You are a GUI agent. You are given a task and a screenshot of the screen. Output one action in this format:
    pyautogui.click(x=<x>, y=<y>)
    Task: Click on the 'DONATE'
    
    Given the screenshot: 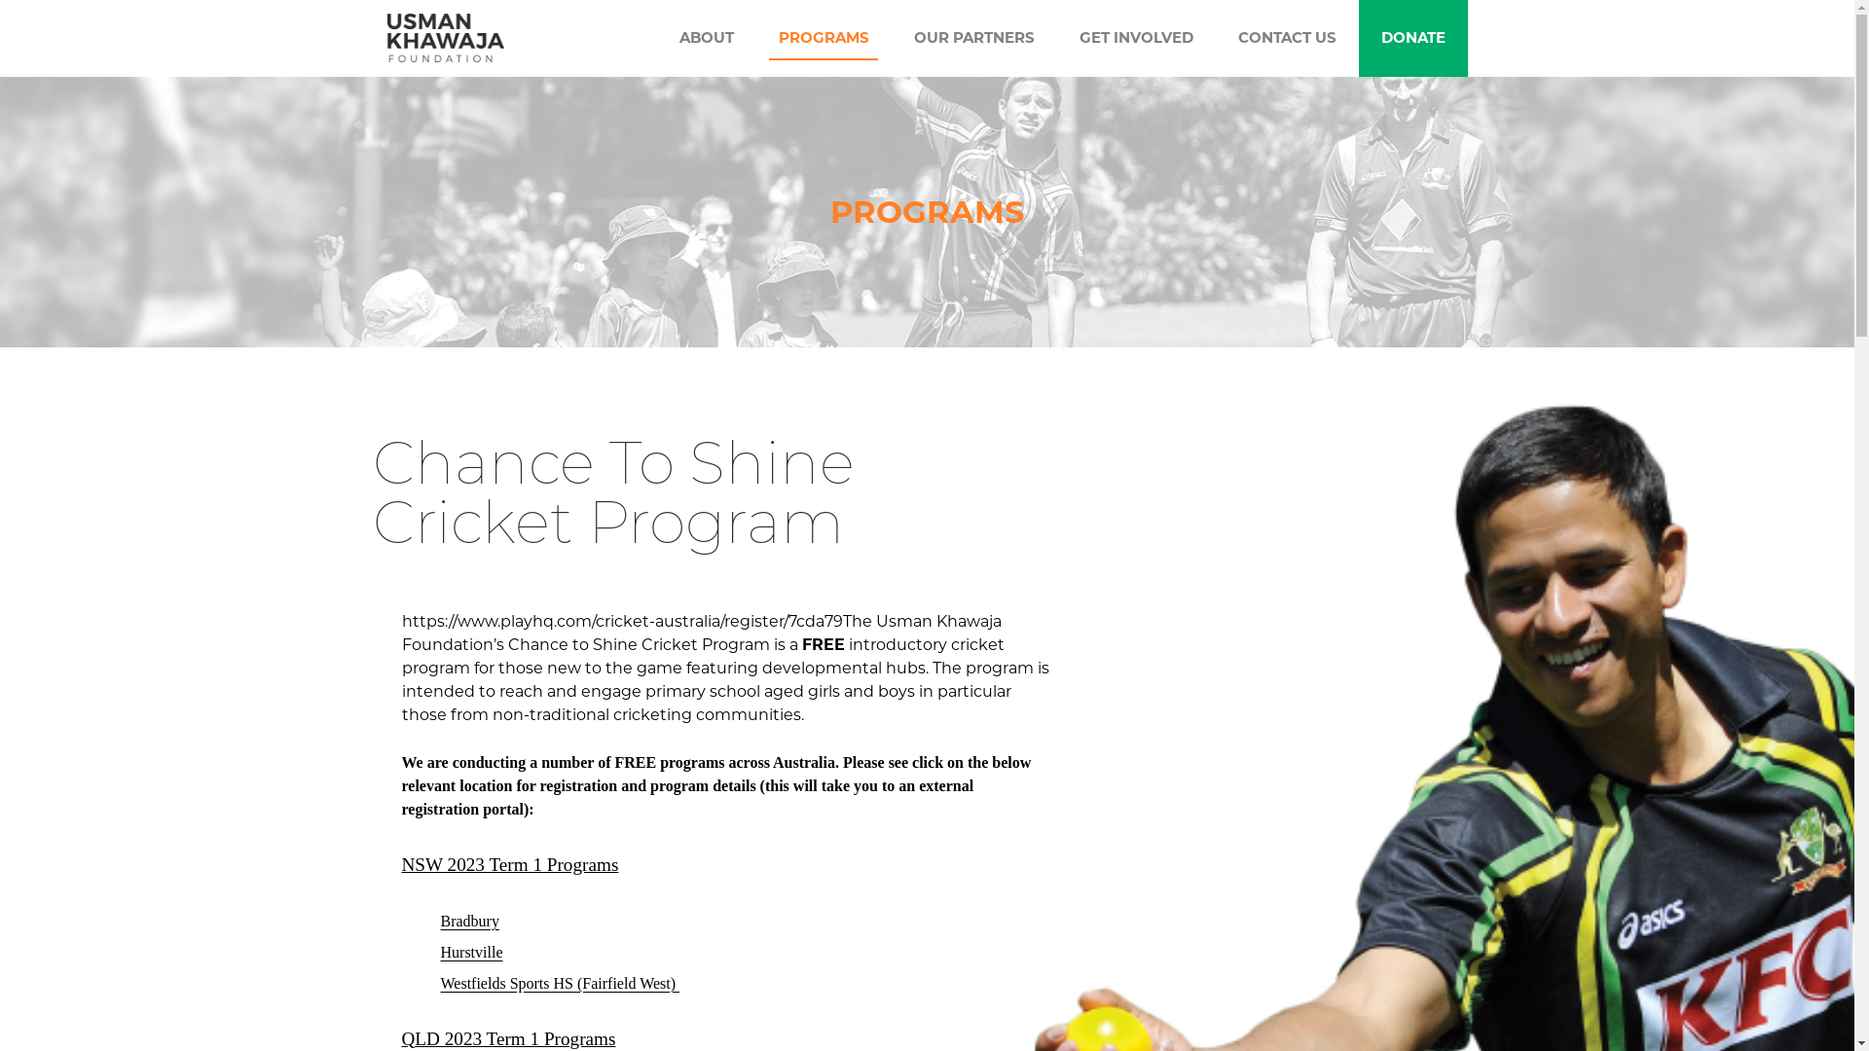 What is the action you would take?
    pyautogui.click(x=1411, y=38)
    